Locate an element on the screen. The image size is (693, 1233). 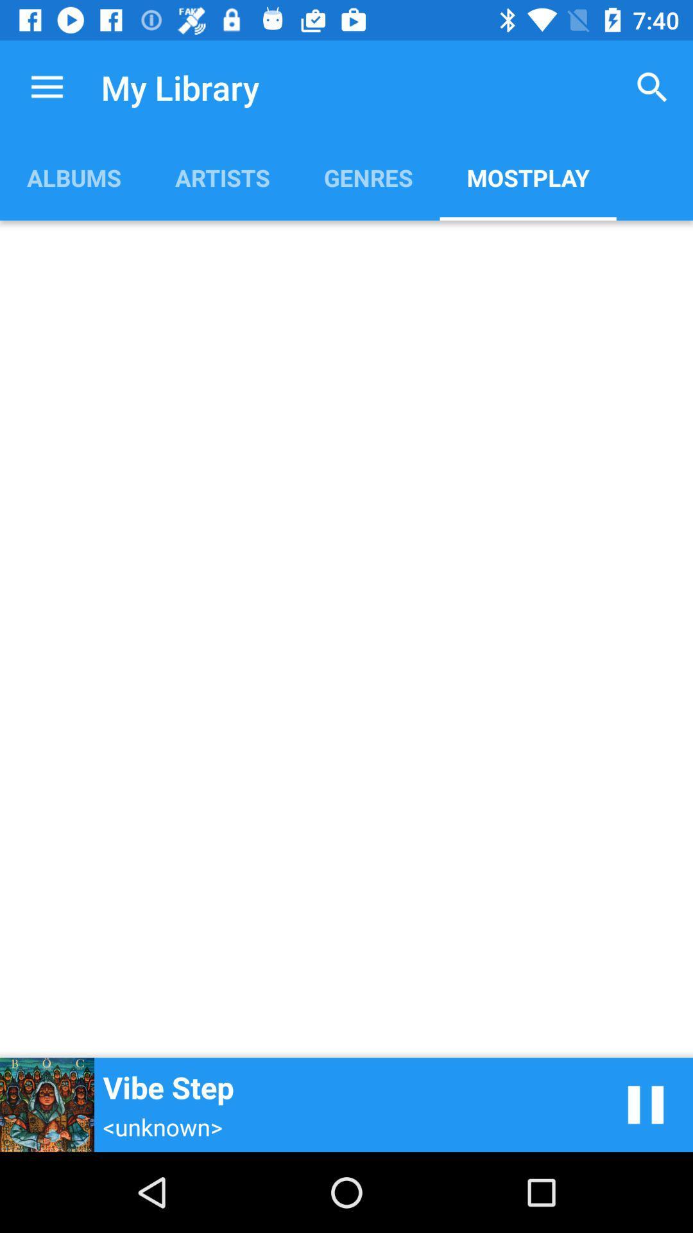
the app below albums item is located at coordinates (346, 639).